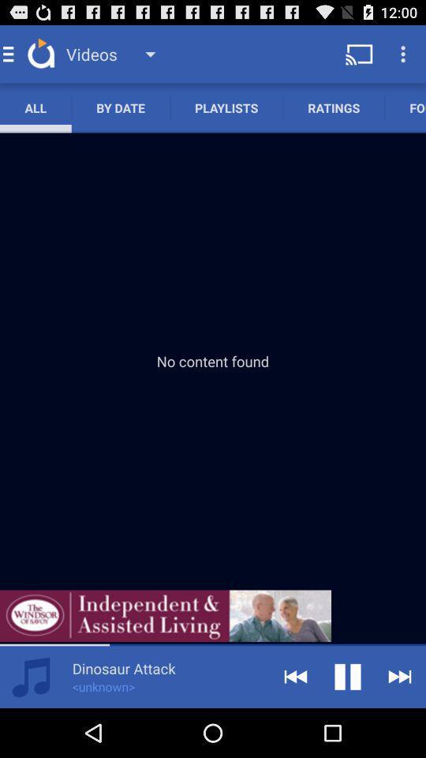 The height and width of the screenshot is (758, 426). What do you see at coordinates (295, 724) in the screenshot?
I see `the av_rewind icon` at bounding box center [295, 724].